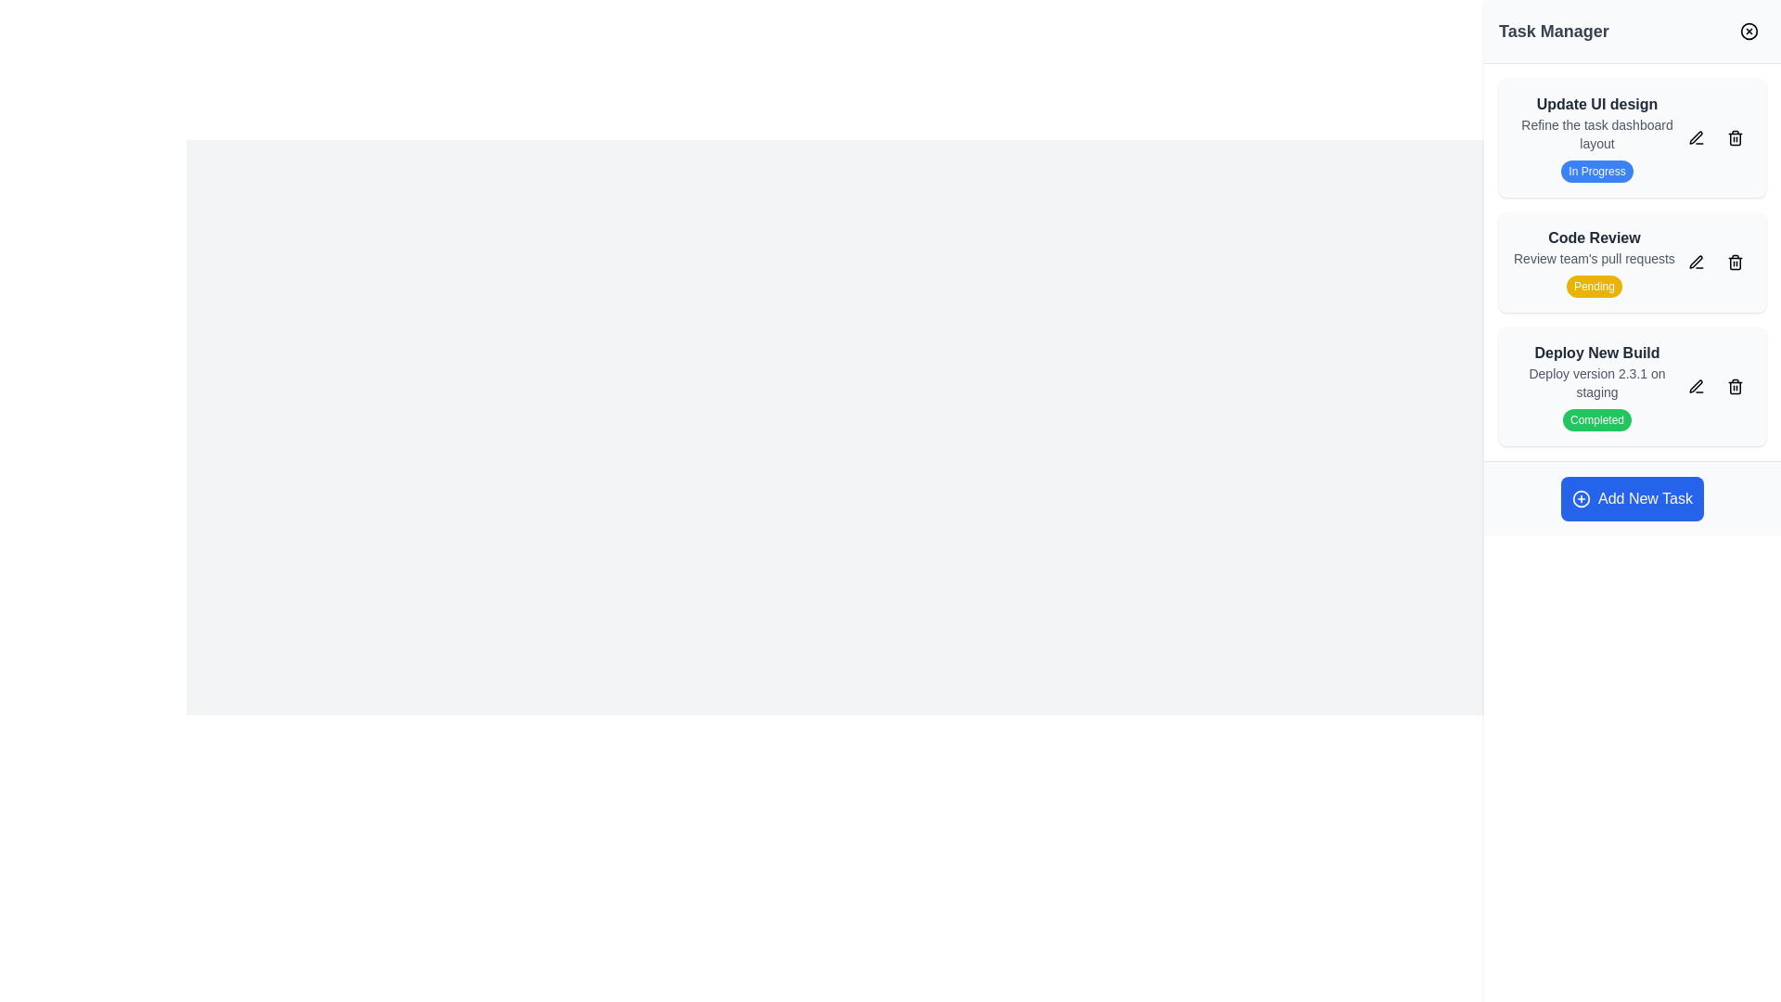 The height and width of the screenshot is (1002, 1781). What do you see at coordinates (1749, 32) in the screenshot?
I see `the 'Close' button located at the far-end of the top header section labeled 'Task Manager'` at bounding box center [1749, 32].